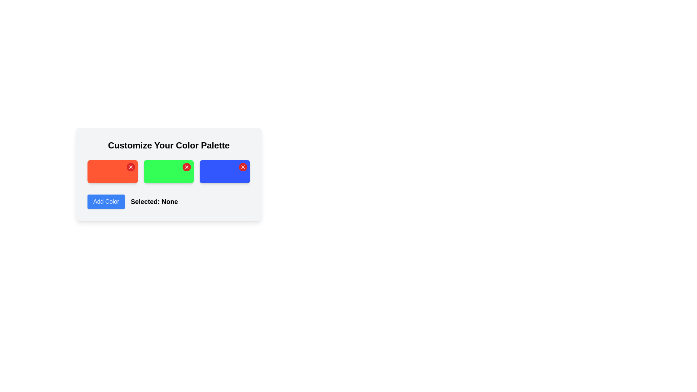 The image size is (697, 392). What do you see at coordinates (187, 167) in the screenshot?
I see `the button located in the top-right corner of the green rectangular box in the 'Customize Your Color Palette' section` at bounding box center [187, 167].